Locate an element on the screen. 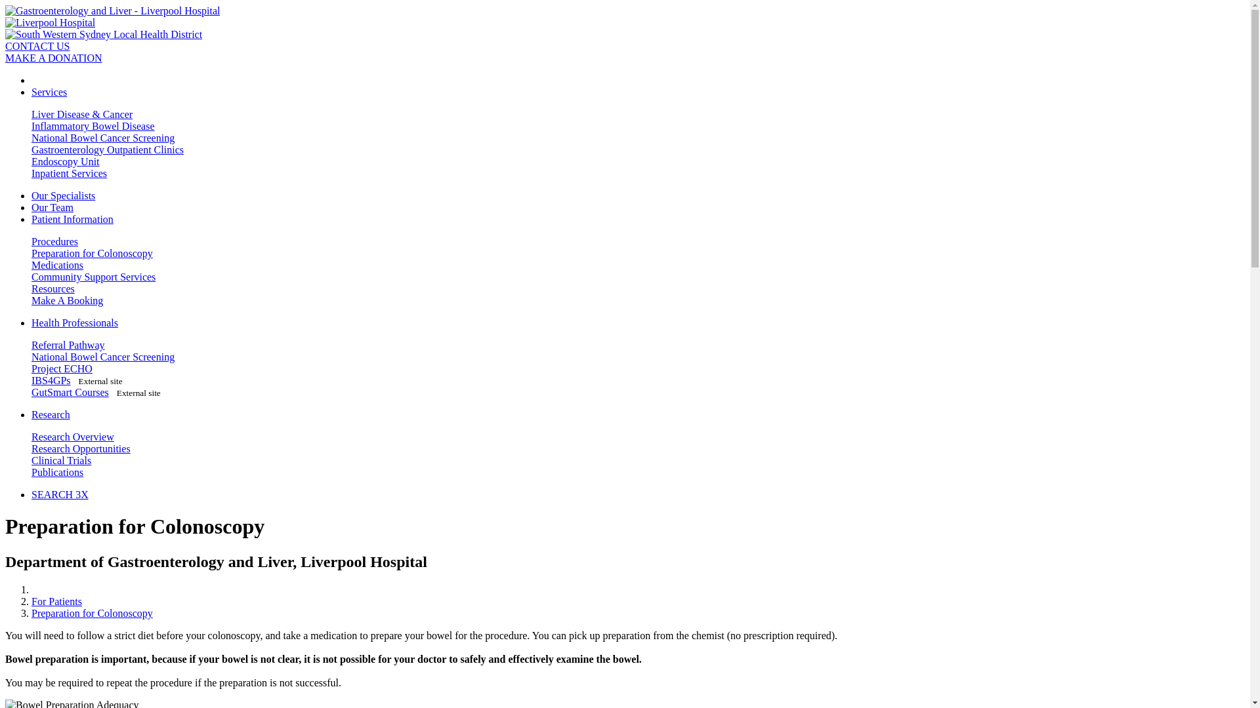 This screenshot has width=1260, height=708. 'Services' is located at coordinates (49, 91).